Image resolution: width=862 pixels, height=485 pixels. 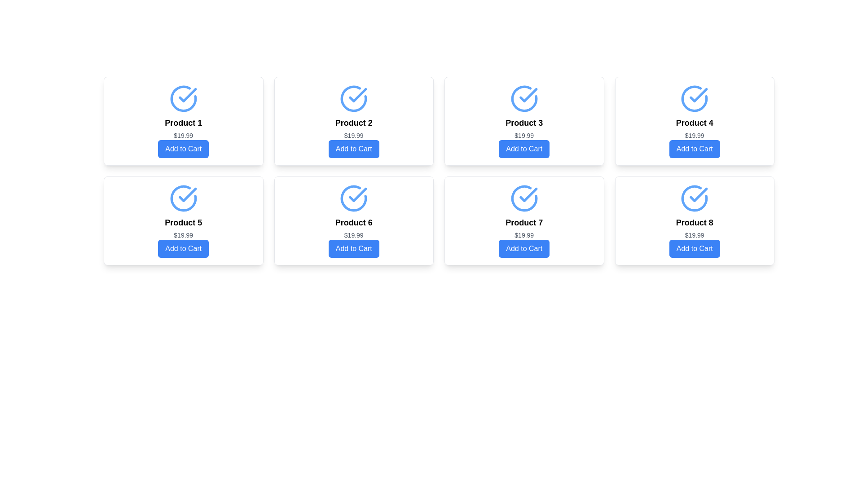 I want to click on the price display element located in the seventh product card, positioned beneath 'Product 7' and above the 'Add to Cart' button, so click(x=524, y=235).